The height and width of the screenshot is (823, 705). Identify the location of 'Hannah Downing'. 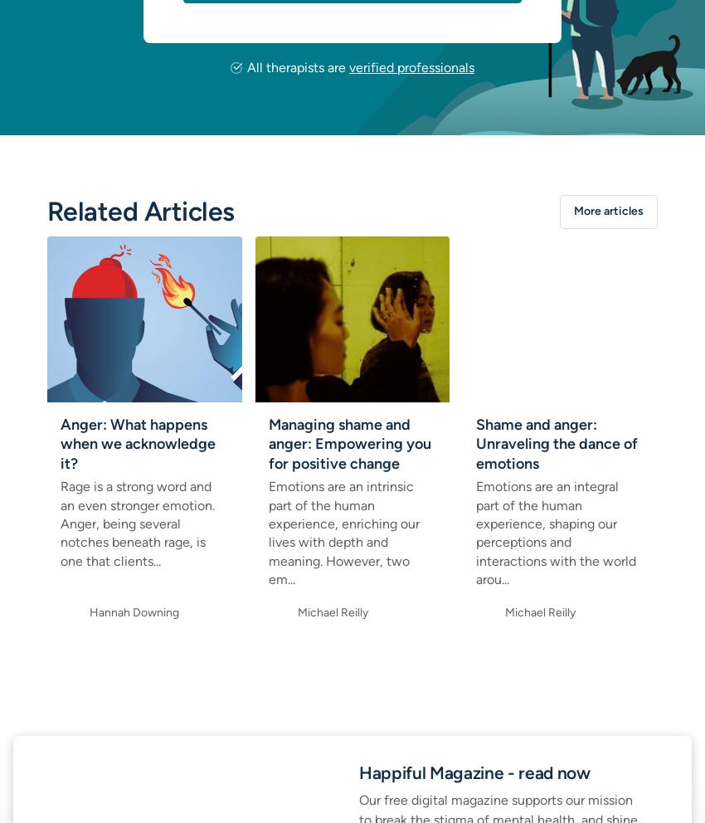
(89, 611).